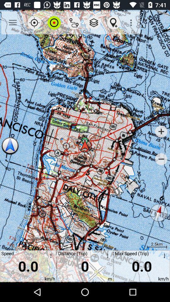 This screenshot has height=302, width=170. I want to click on the more icon, so click(163, 257).